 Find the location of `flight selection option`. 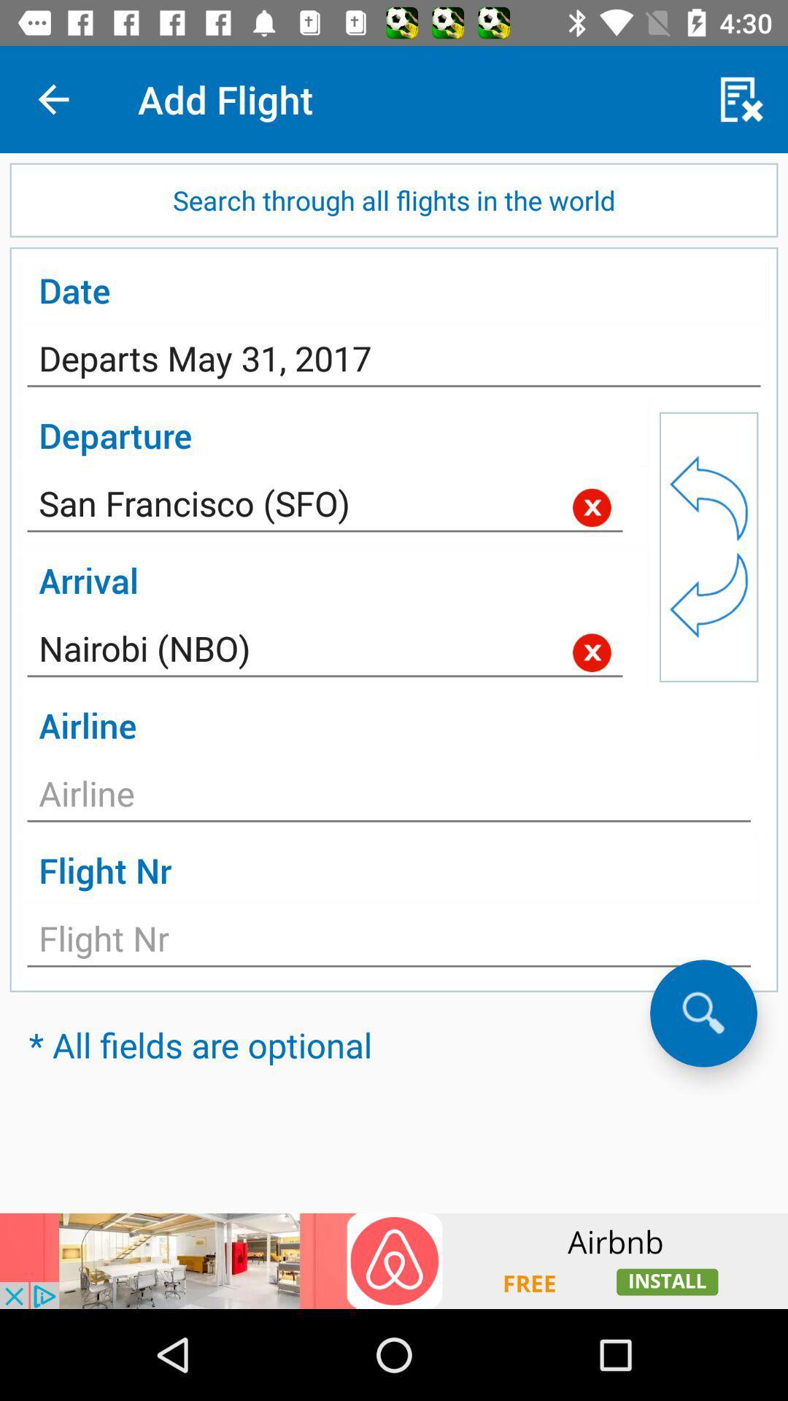

flight selection option is located at coordinates (388, 943).